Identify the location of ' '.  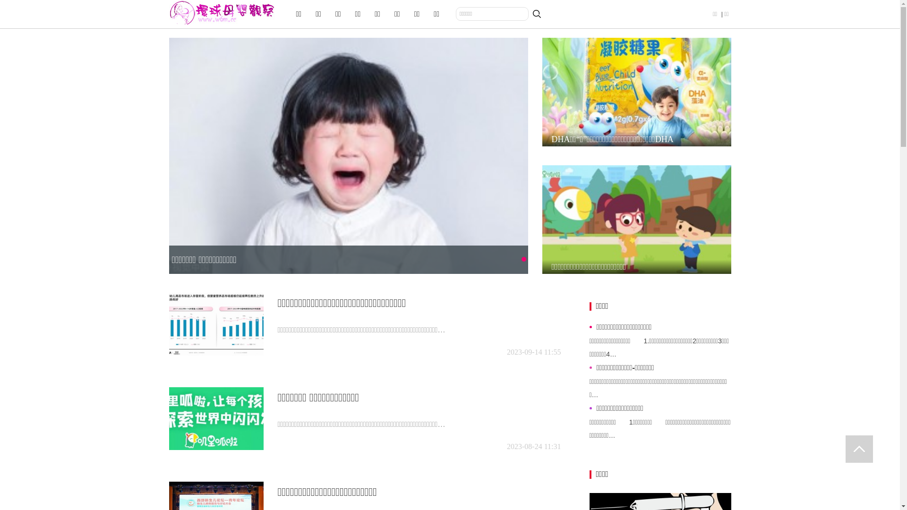
(846, 449).